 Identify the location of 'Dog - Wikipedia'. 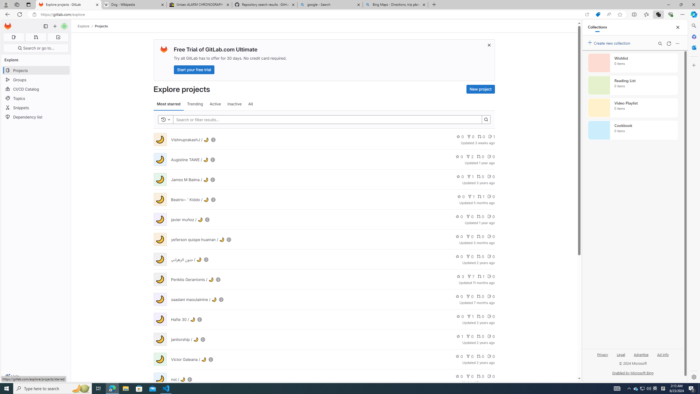
(133, 4).